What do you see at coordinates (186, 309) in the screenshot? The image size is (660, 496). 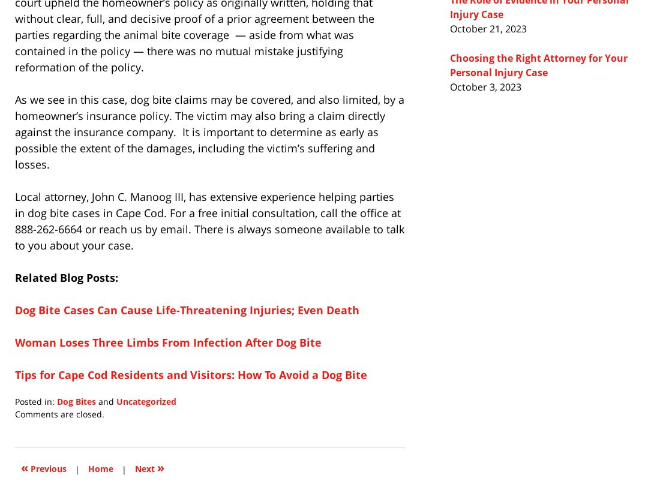 I see `'Dog Bite Cases Can Cause Life-Threatening Injuries; Even Death'` at bounding box center [186, 309].